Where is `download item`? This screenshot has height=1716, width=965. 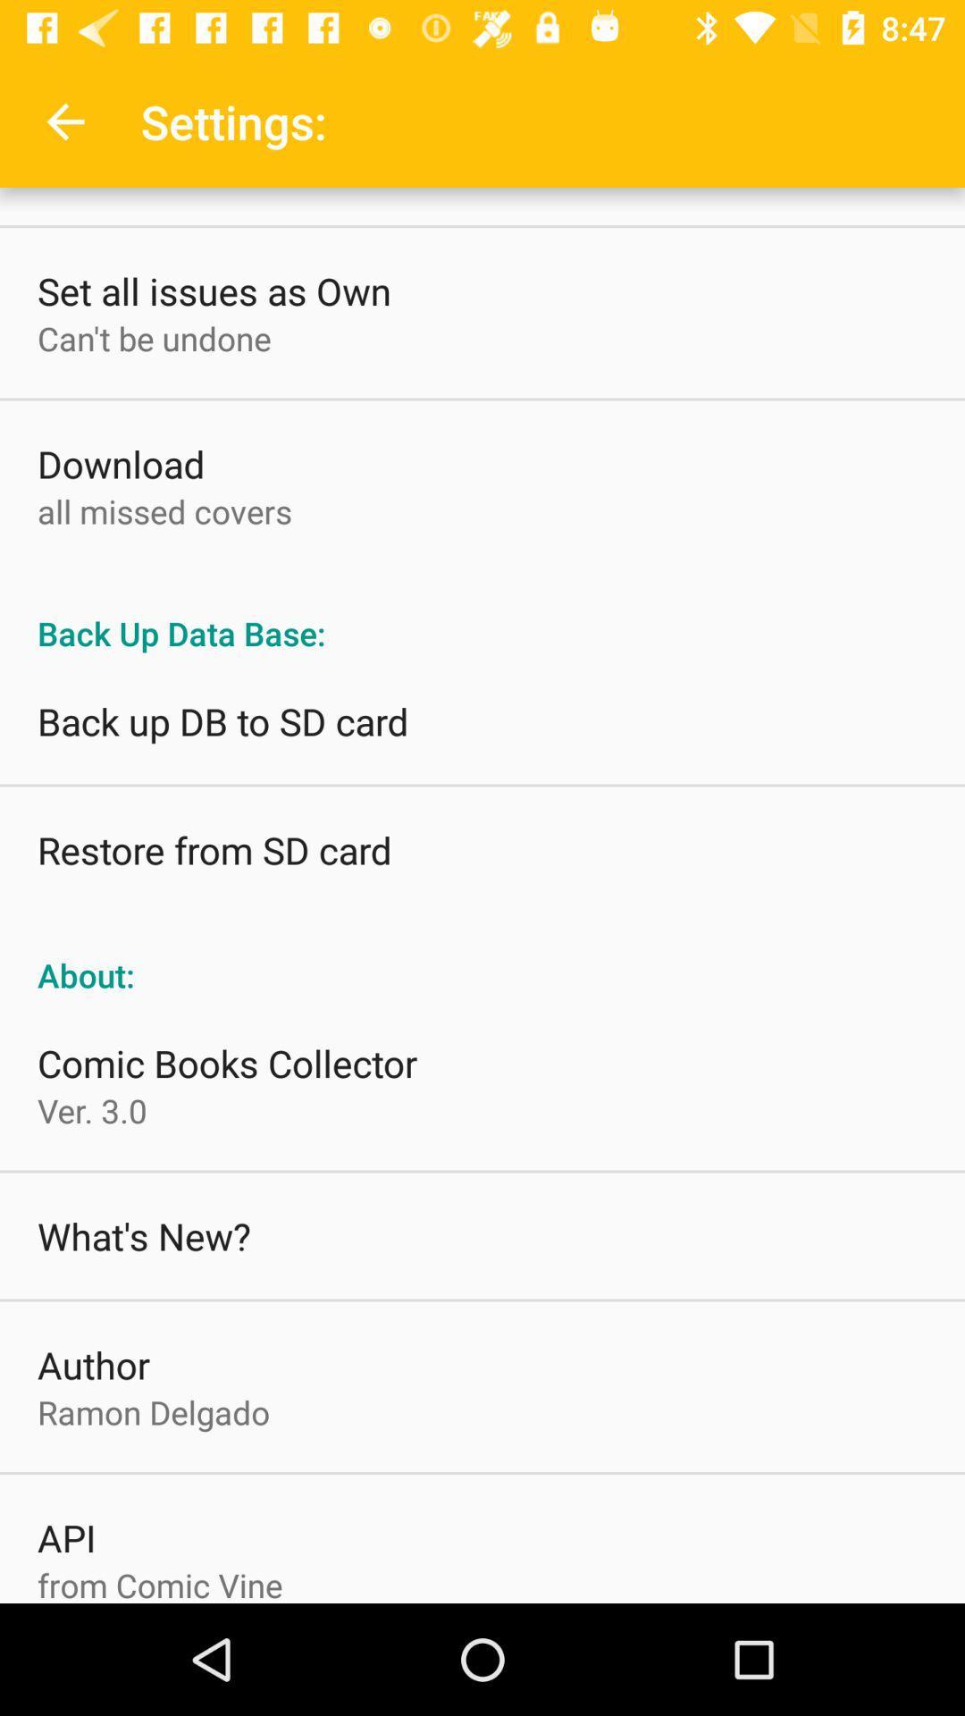 download item is located at coordinates (121, 463).